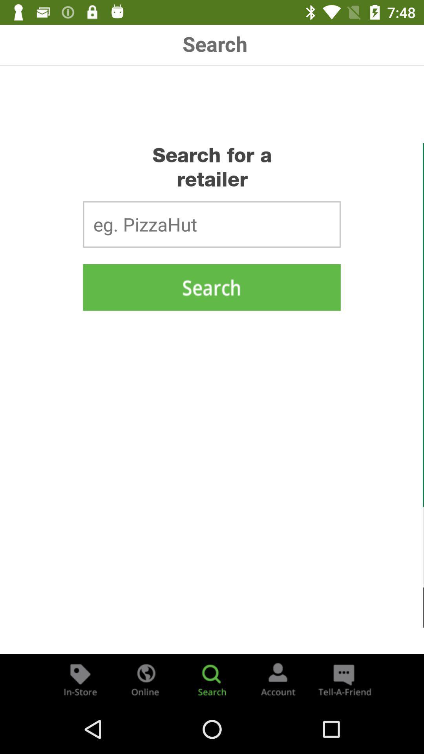  I want to click on account page, so click(278, 679).